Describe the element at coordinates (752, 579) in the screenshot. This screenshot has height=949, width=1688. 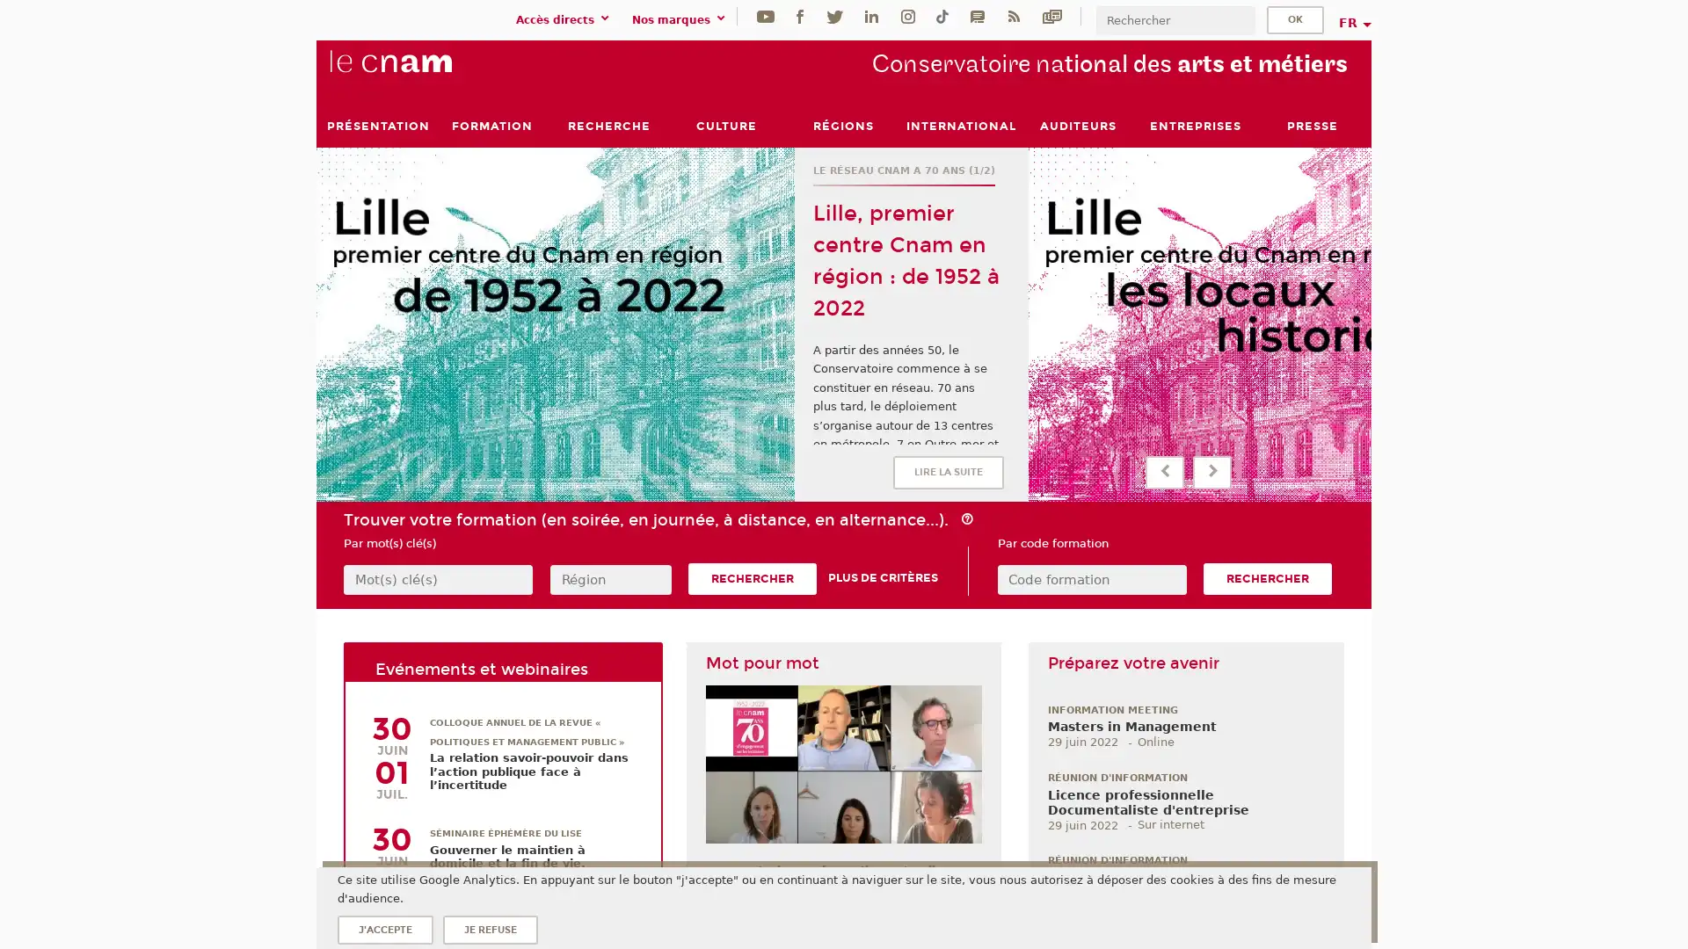
I see `RECHERCHER` at that location.